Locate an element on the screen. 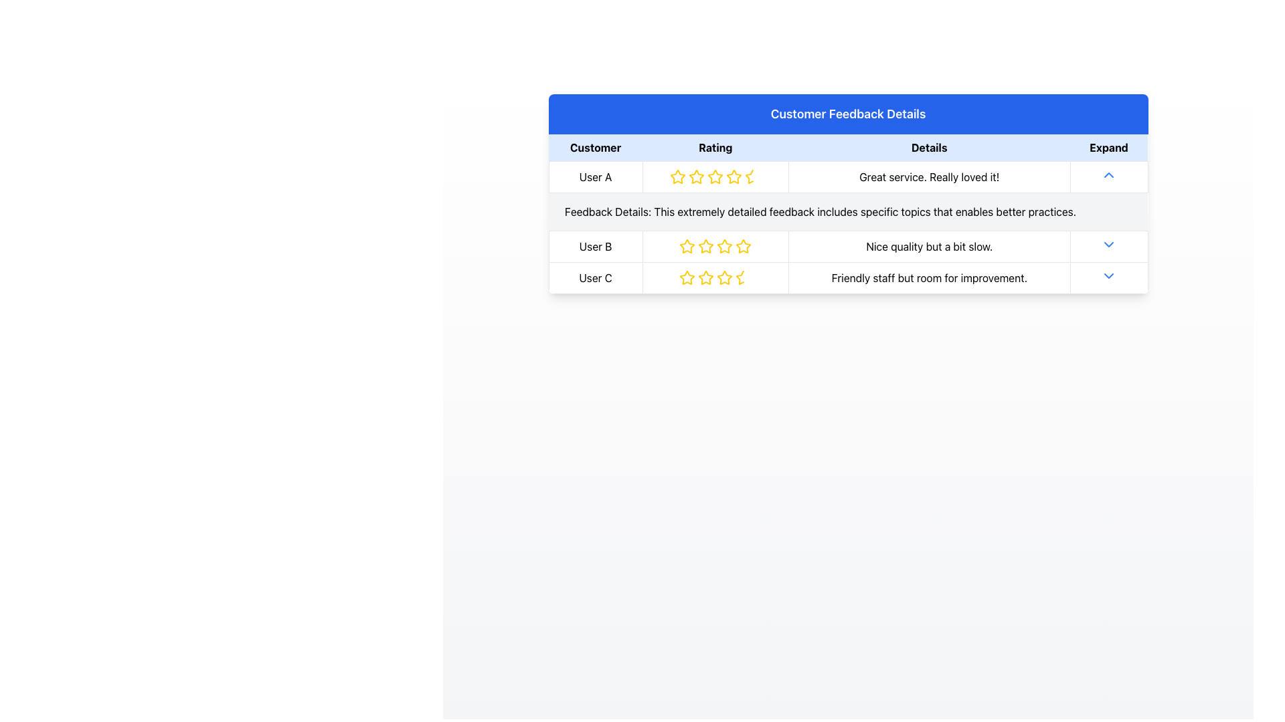 This screenshot has height=722, width=1285. the text label displaying 'User B' located in the second row of the table under the 'Customer' column is located at coordinates (595, 247).